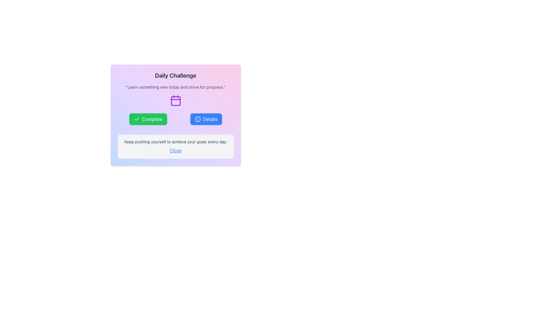 The width and height of the screenshot is (558, 314). Describe the element at coordinates (136, 119) in the screenshot. I see `the checkmark icon located inside the green 'Complete' button on the left side of the button group beneath the 'Daily Challenge' heading` at that location.